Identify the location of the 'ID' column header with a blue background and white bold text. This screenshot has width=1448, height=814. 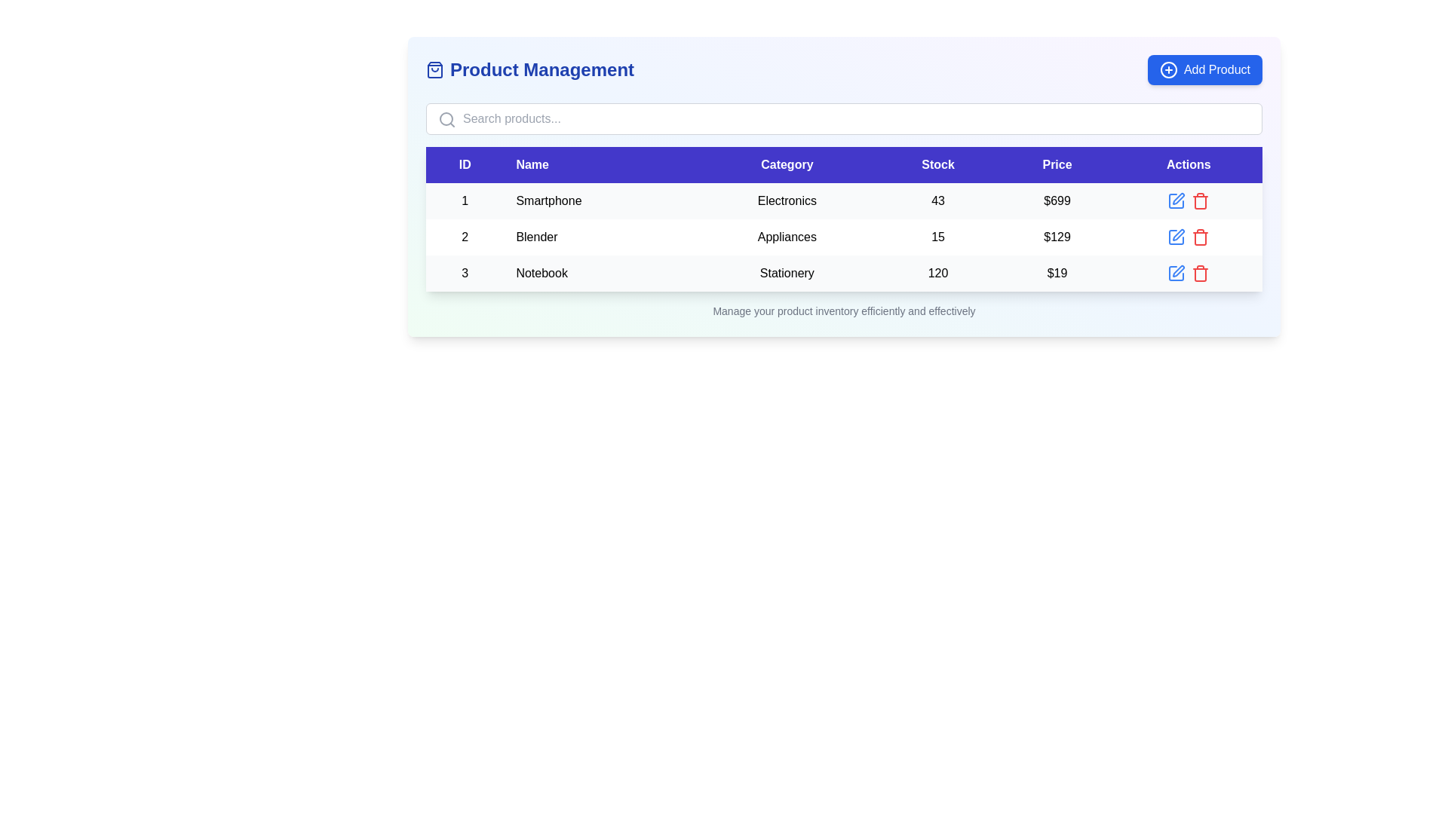
(464, 165).